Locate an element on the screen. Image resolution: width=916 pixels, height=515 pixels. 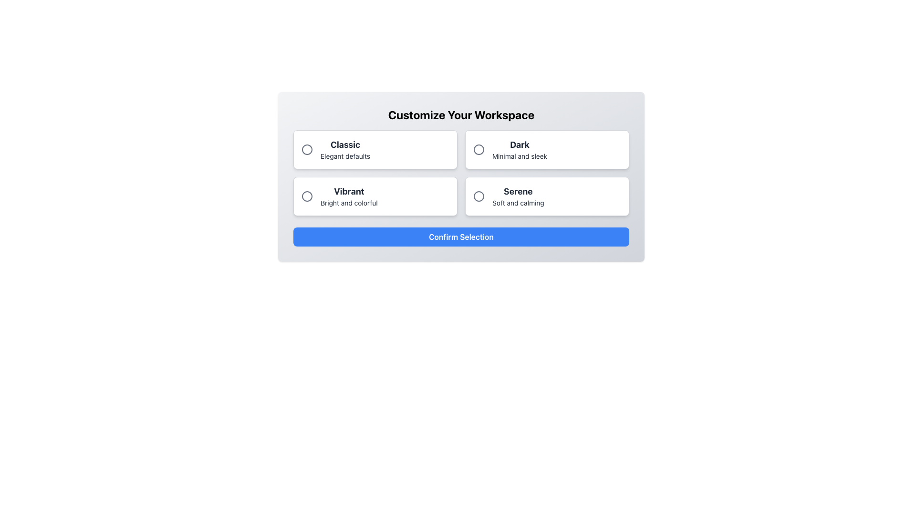
the confirm button located at the bottom-center of the customization interface is located at coordinates (461, 237).